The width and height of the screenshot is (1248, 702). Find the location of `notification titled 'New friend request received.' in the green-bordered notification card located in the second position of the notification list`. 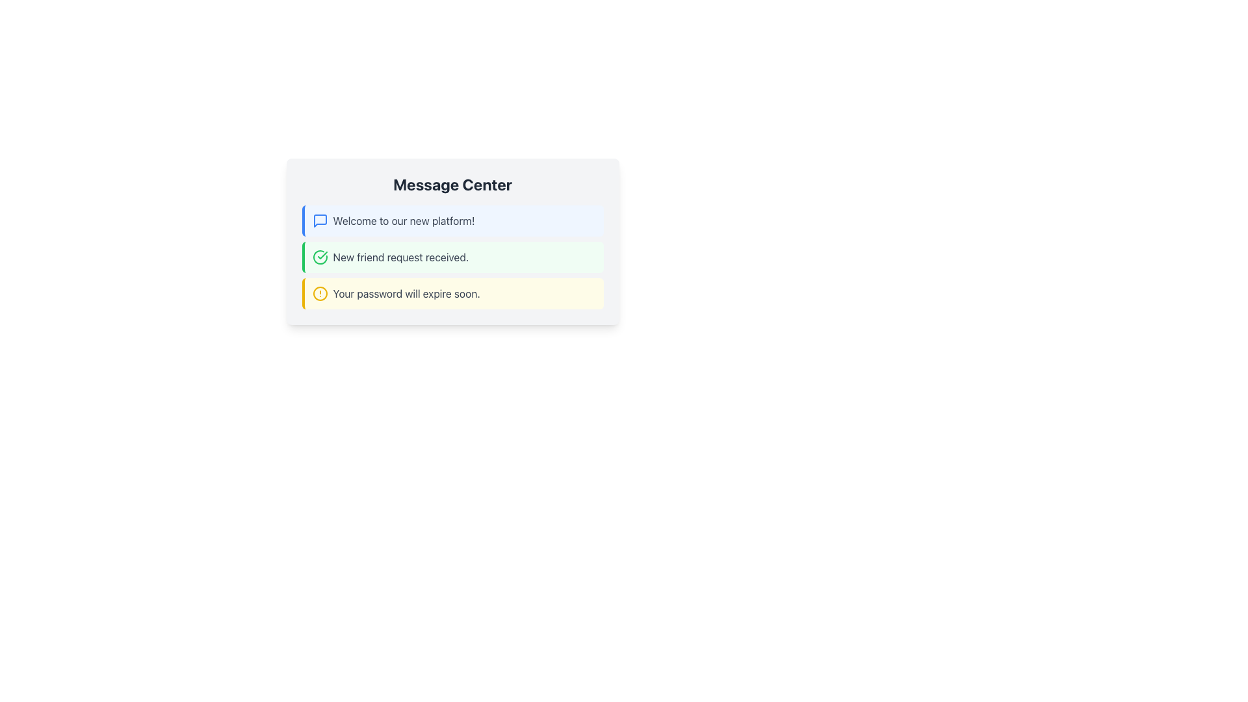

notification titled 'New friend request received.' in the green-bordered notification card located in the second position of the notification list is located at coordinates (452, 257).